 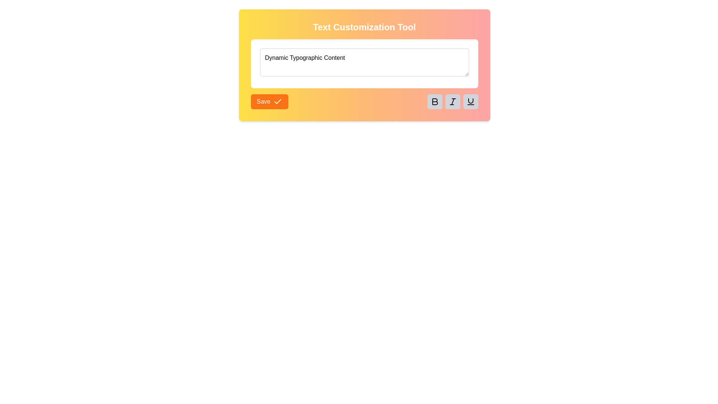 I want to click on the italic style button marked with an 'I' glyph, located in the bottom-right section of the panel, so click(x=452, y=102).